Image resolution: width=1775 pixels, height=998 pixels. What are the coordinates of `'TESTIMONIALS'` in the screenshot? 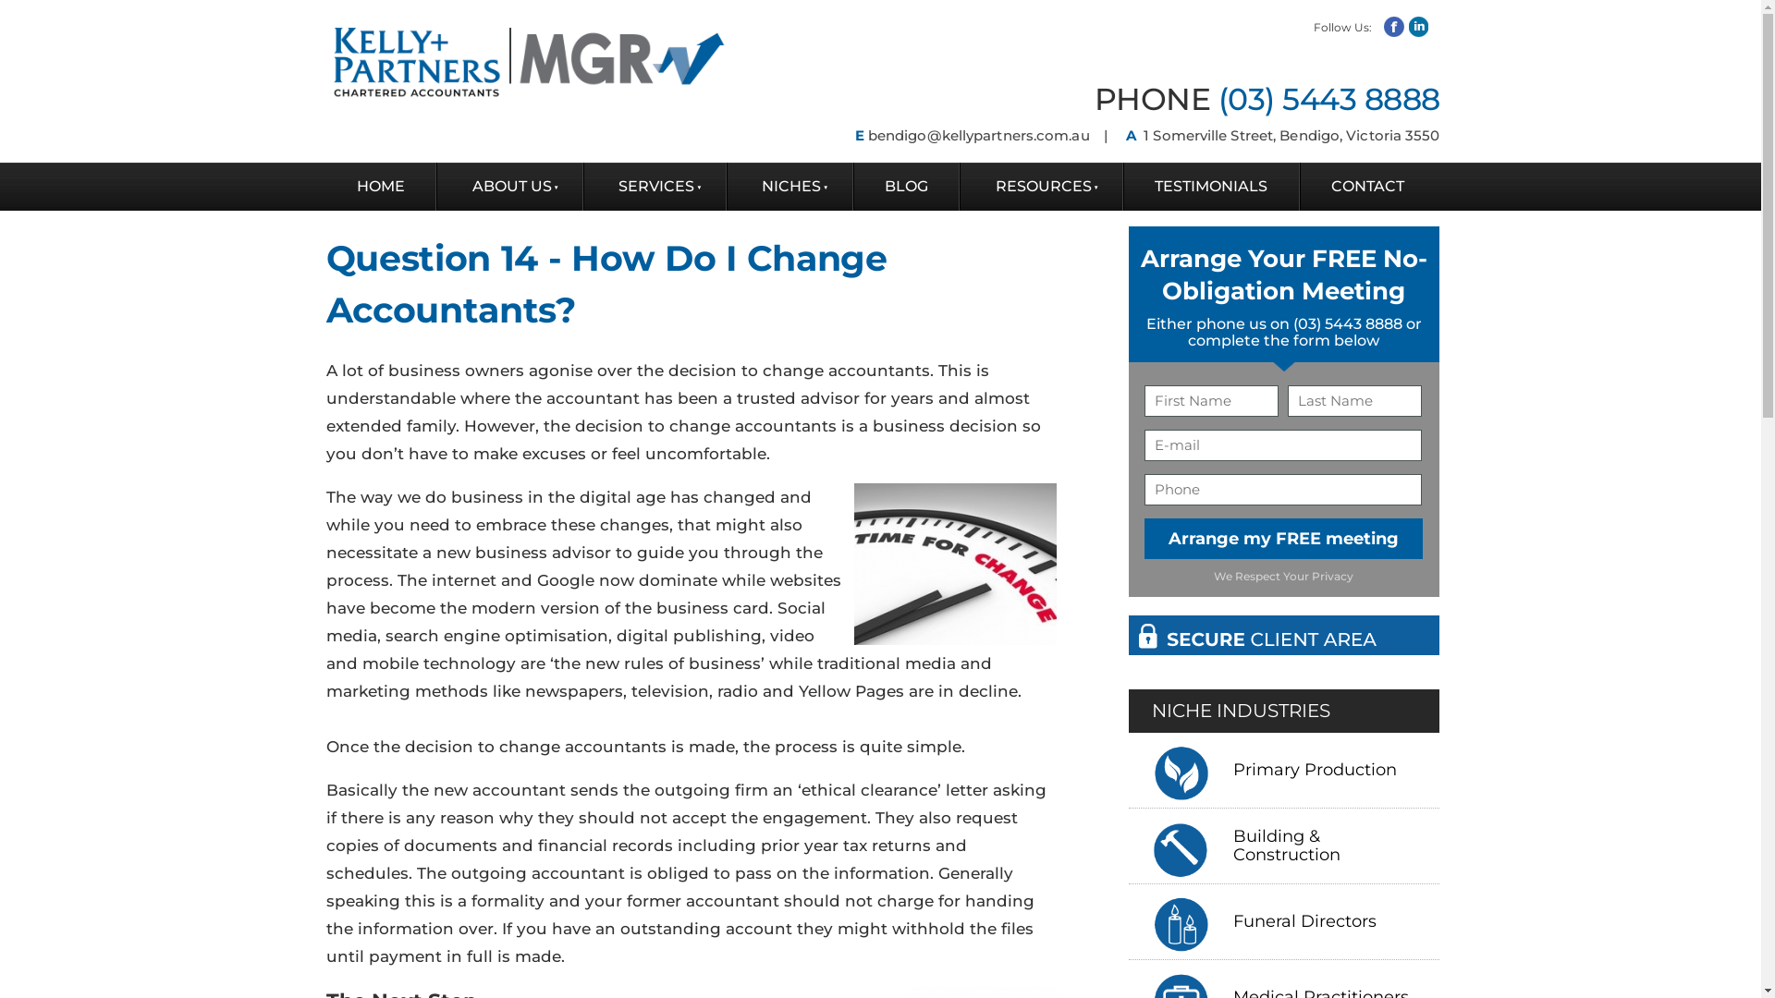 It's located at (1211, 186).